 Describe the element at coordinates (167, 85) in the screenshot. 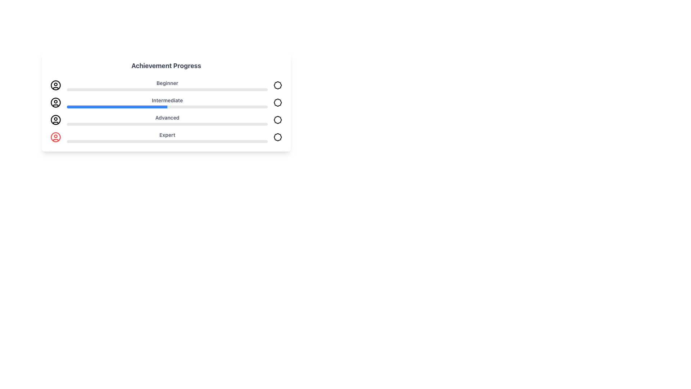

I see `the text label displaying 'Beginner' in a smaller bold gray font, located centrally in the first item of the vertically aligned selection list` at that location.